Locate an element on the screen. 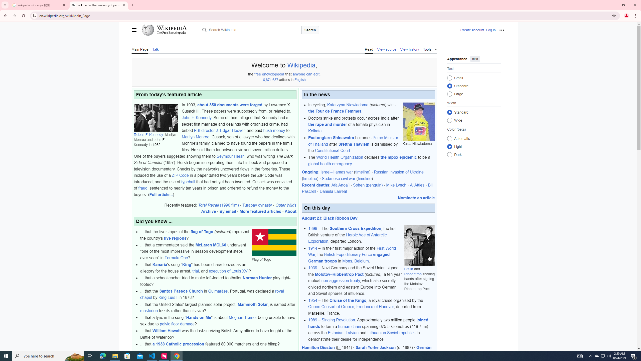 The image size is (641, 361). 'Mons, Belgium' is located at coordinates (355, 261).